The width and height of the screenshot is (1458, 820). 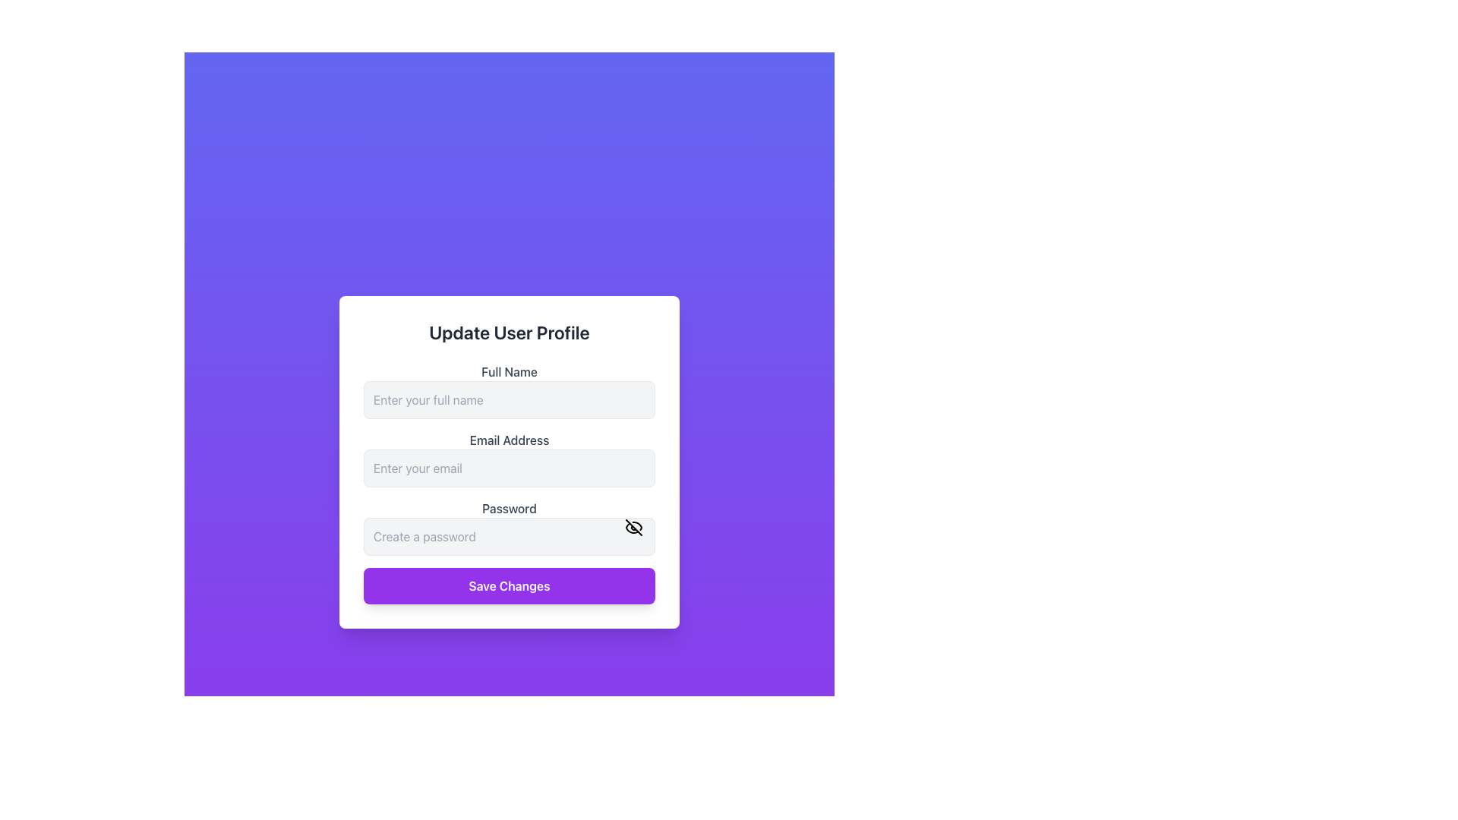 I want to click on the label element that describes the password input field, positioned directly above it in the form structure, so click(x=510, y=509).